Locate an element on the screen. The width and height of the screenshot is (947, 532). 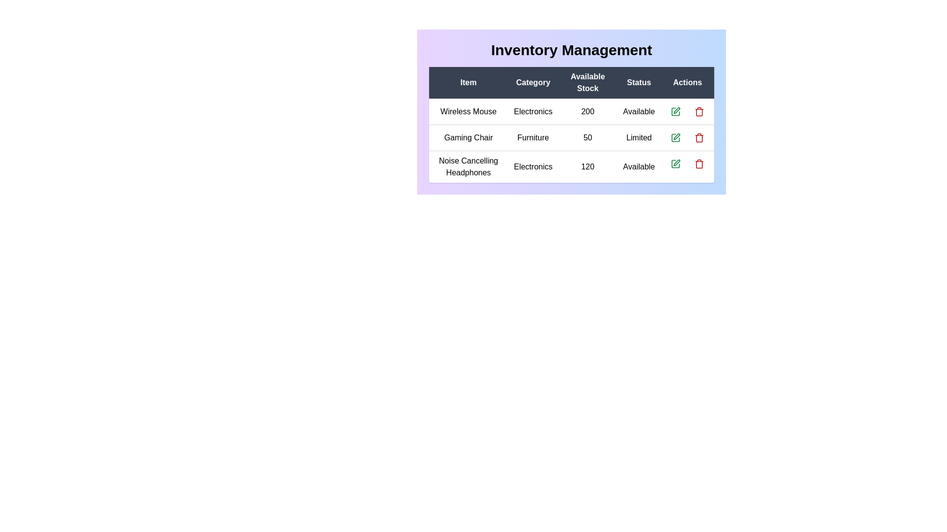
delete button for the inventory item Noise Cancelling Headphones is located at coordinates (698, 163).